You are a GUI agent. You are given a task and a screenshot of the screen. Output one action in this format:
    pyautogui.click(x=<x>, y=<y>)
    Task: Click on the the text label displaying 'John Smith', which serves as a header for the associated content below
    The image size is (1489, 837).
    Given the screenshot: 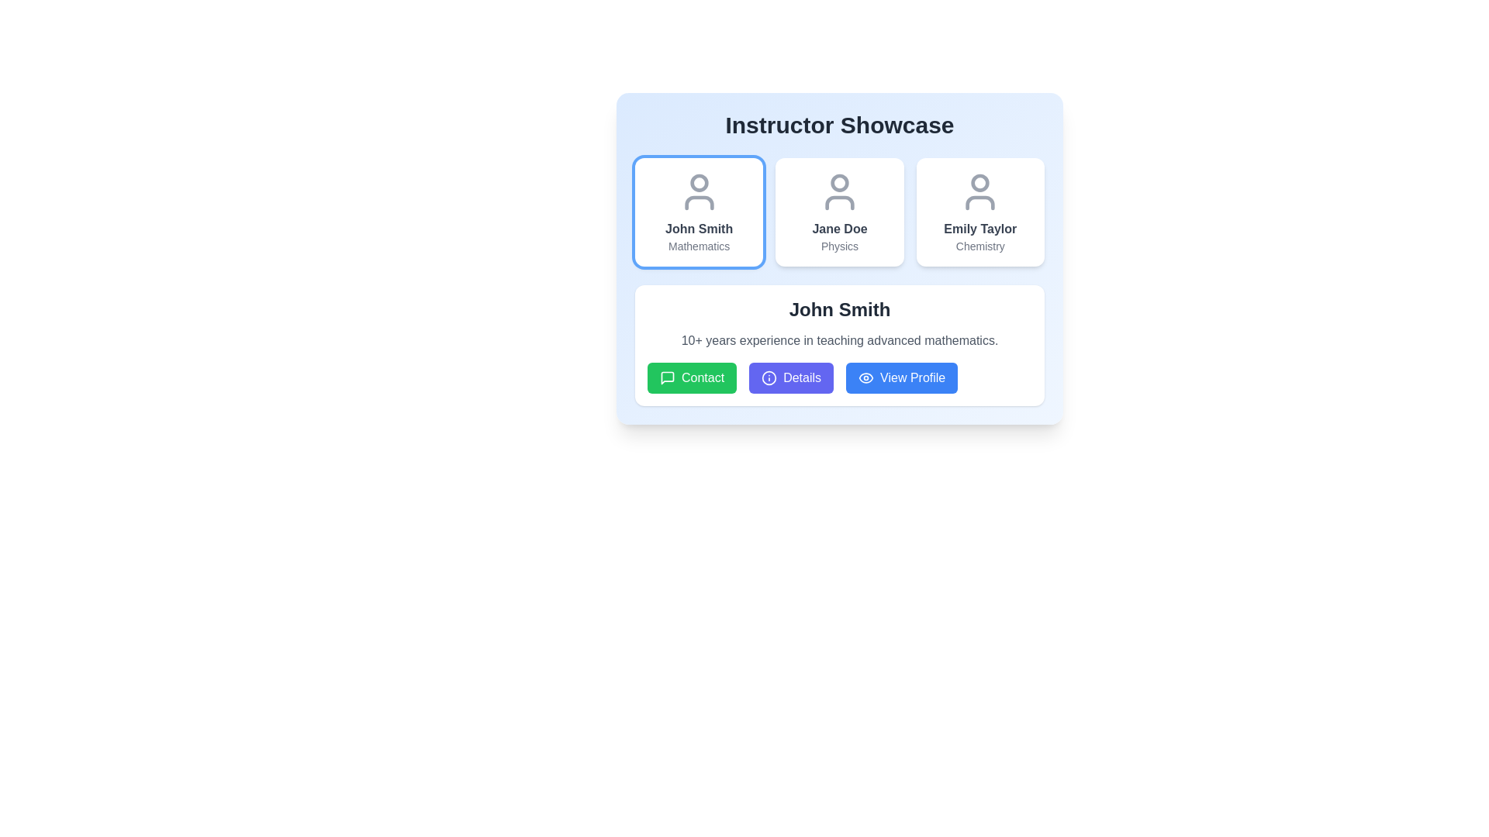 What is the action you would take?
    pyautogui.click(x=839, y=310)
    